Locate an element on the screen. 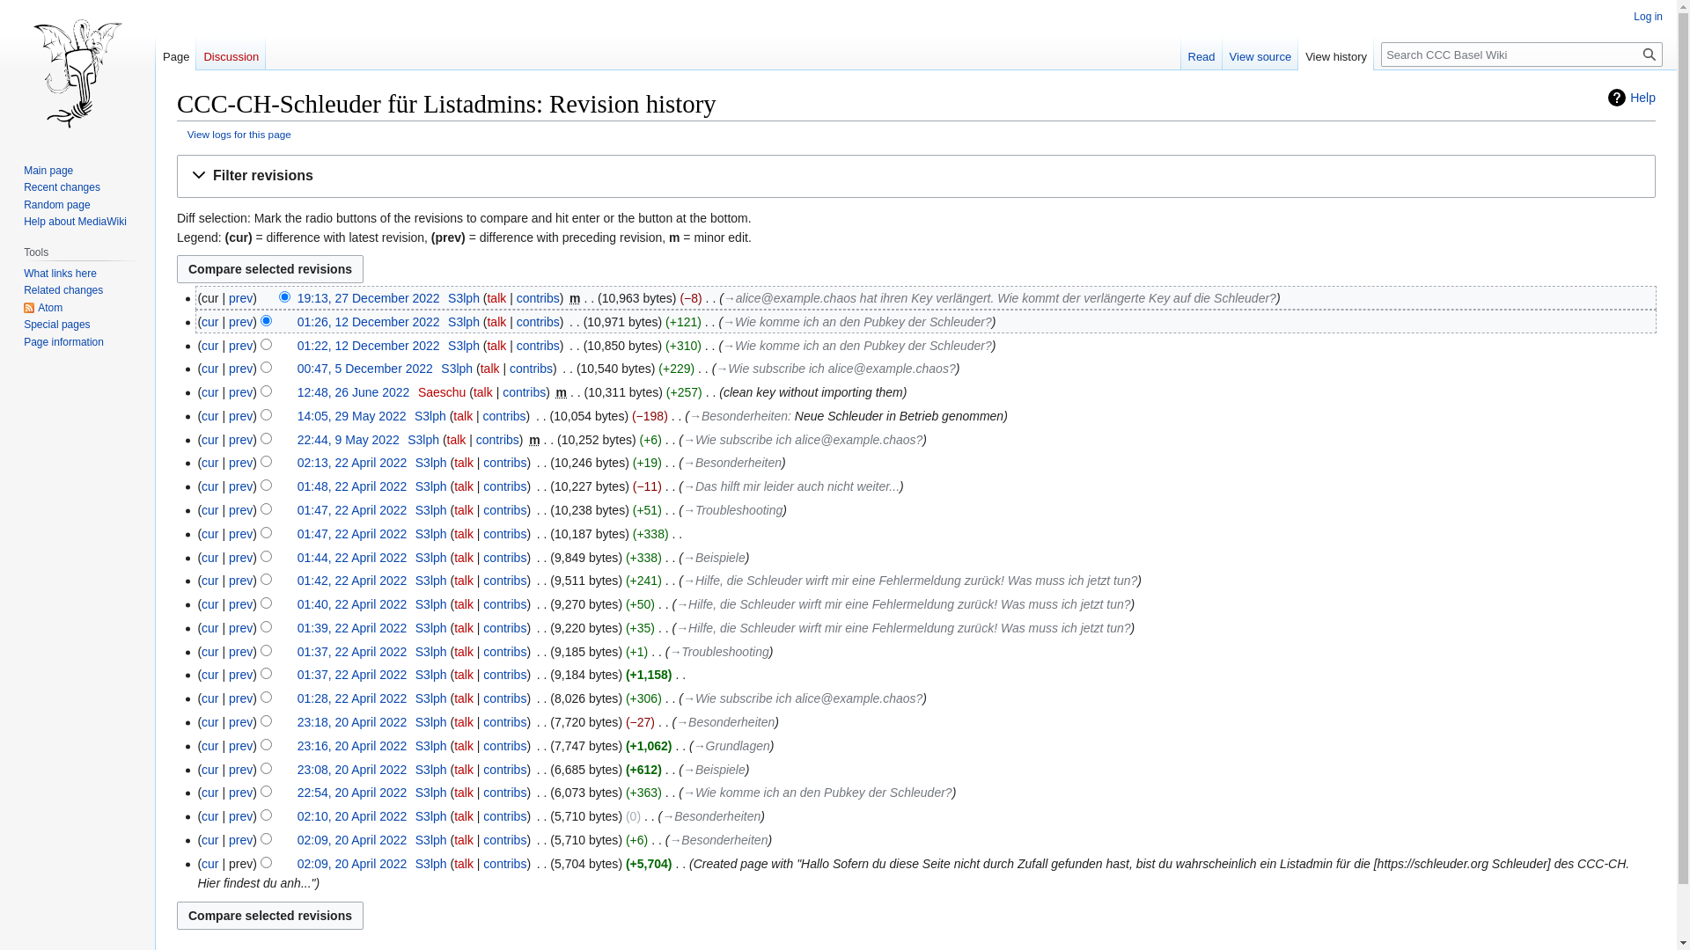 This screenshot has height=950, width=1690. '19:13, 27 December 2022' is located at coordinates (367, 297).